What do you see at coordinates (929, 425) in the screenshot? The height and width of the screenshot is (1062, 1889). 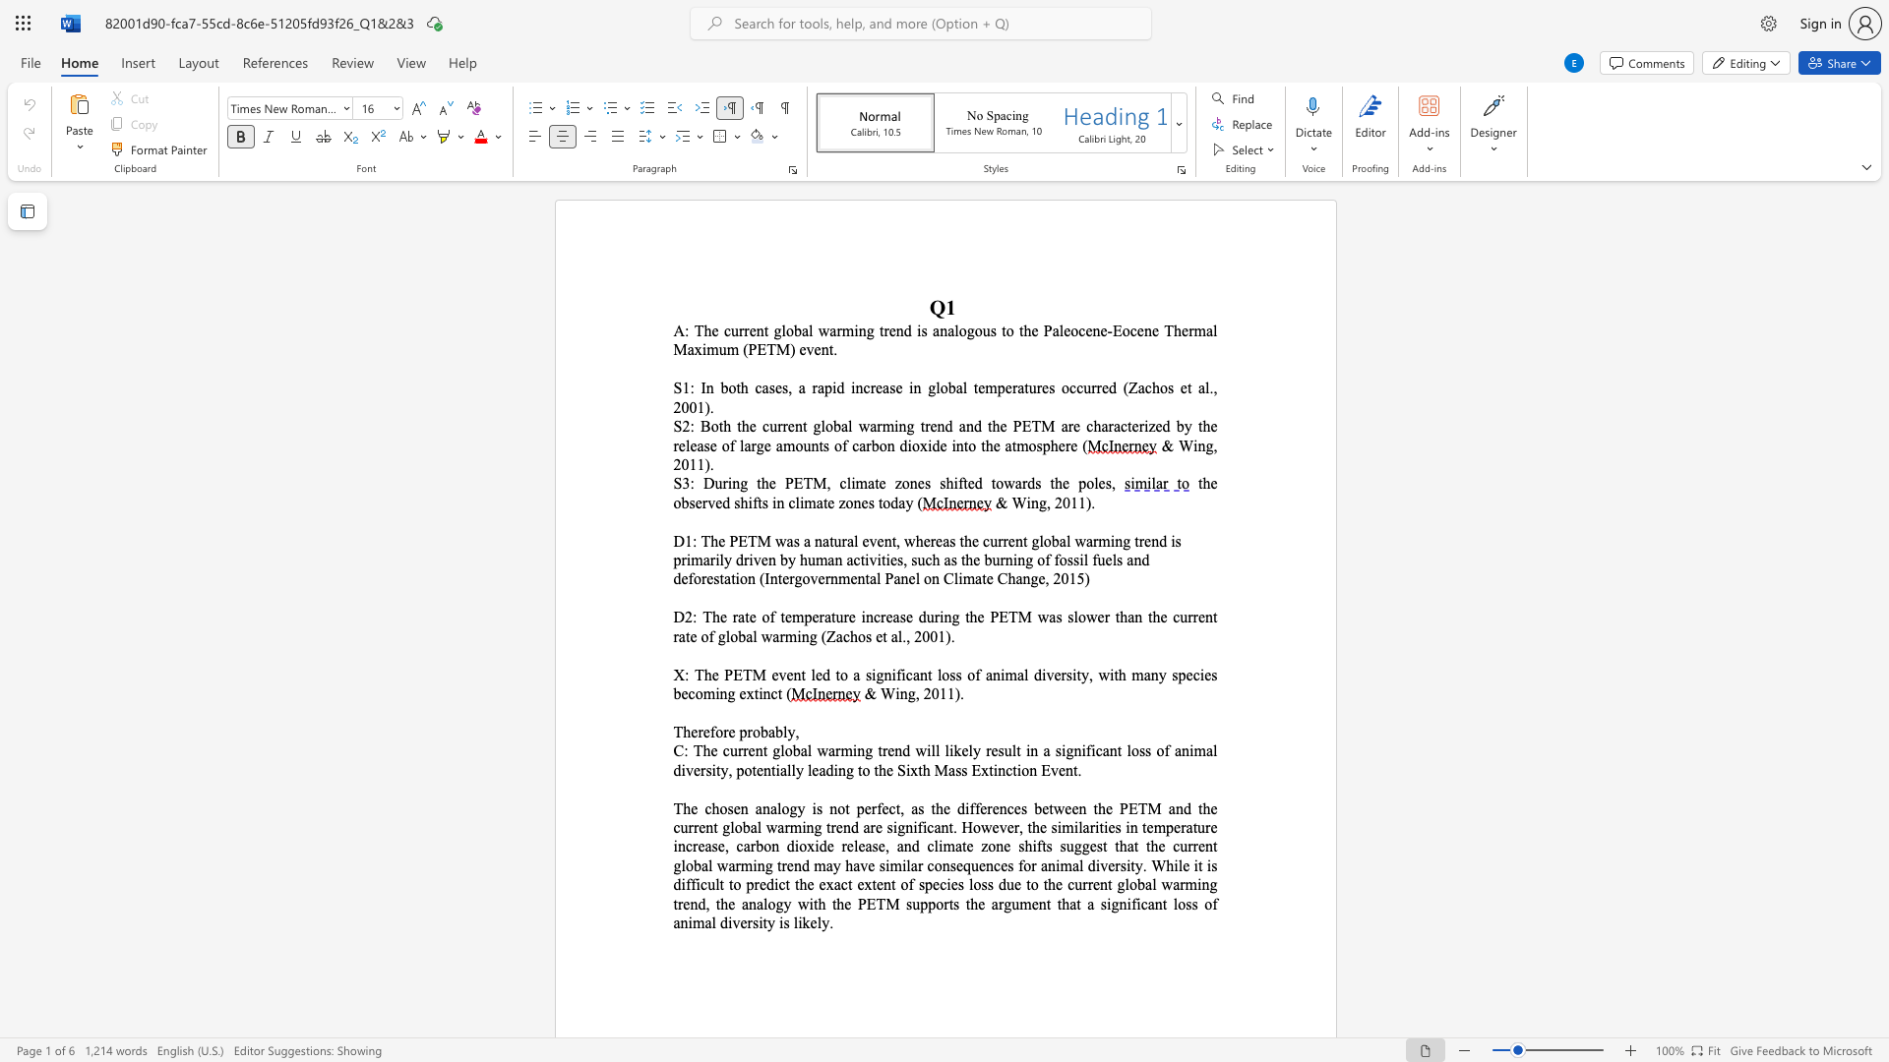 I see `the subset text "end and th" within the text "S2: Both the current global warming trend and the"` at bounding box center [929, 425].